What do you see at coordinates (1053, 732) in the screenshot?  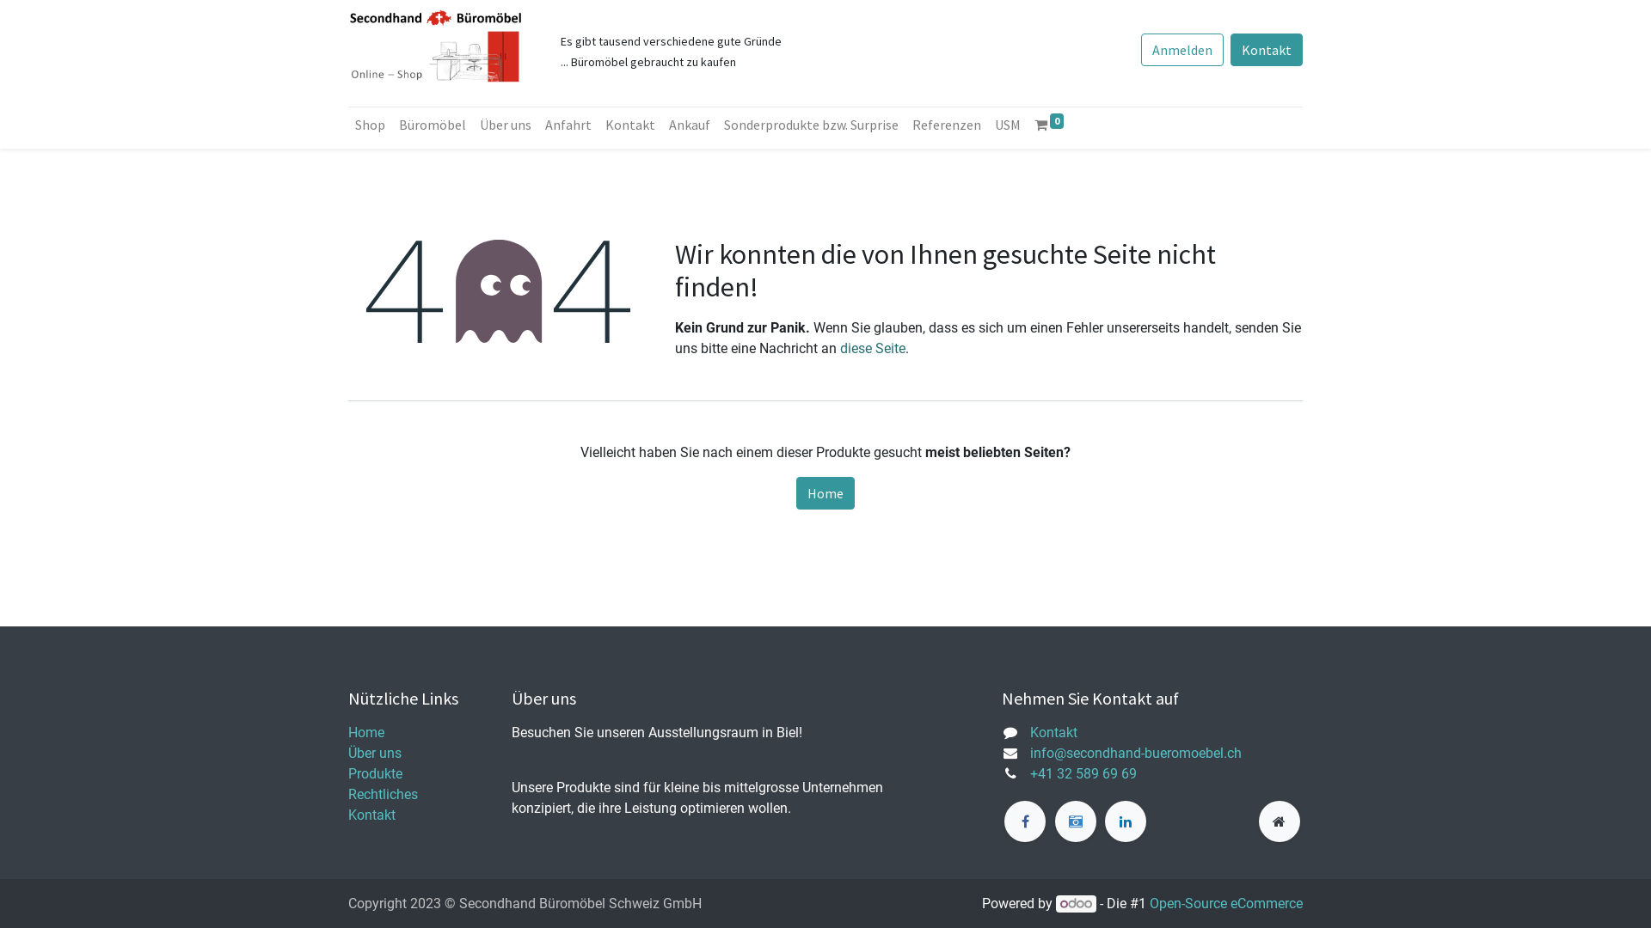 I see `'Kontakt'` at bounding box center [1053, 732].